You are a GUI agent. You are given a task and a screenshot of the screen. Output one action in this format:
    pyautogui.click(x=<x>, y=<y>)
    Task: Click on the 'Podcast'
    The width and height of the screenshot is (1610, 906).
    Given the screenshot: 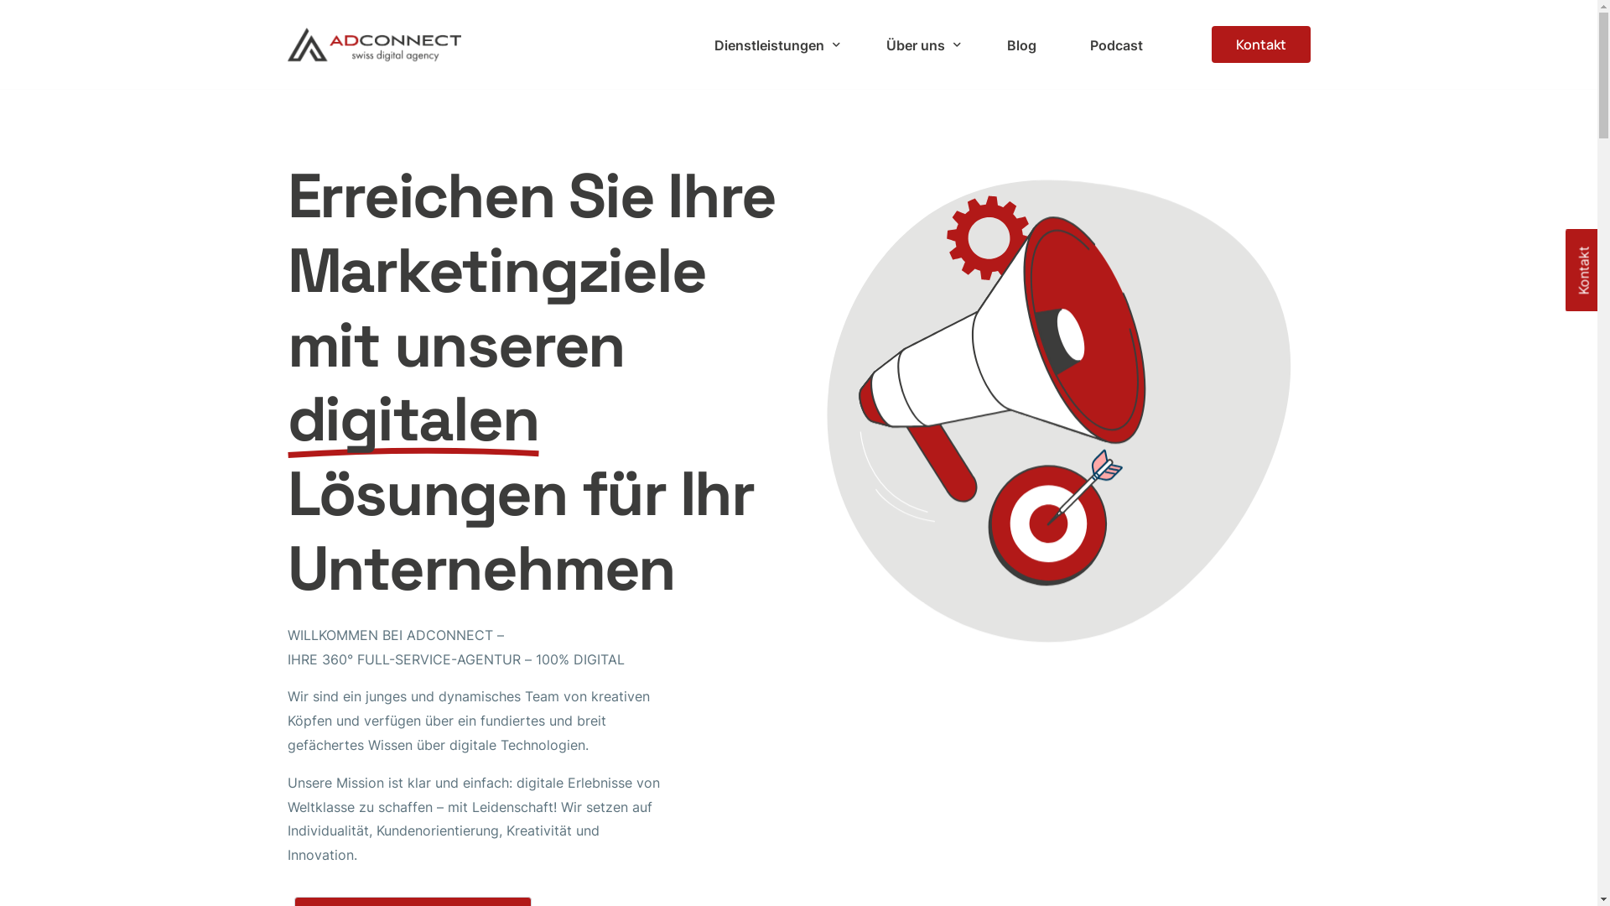 What is the action you would take?
    pyautogui.click(x=1116, y=44)
    